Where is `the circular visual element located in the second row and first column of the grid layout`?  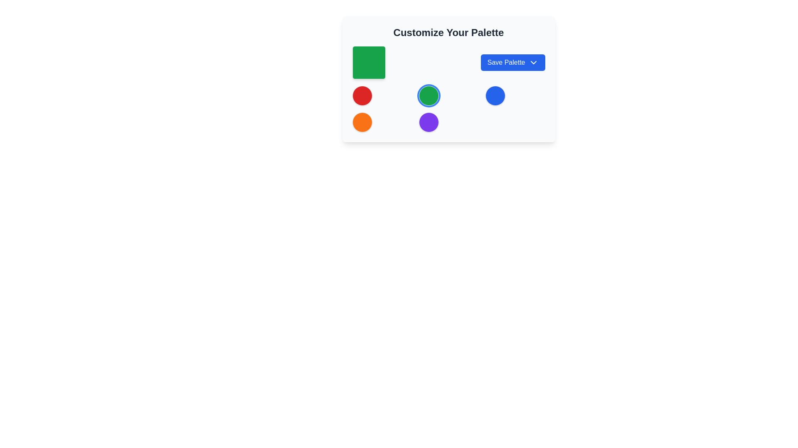
the circular visual element located in the second row and first column of the grid layout is located at coordinates (362, 122).